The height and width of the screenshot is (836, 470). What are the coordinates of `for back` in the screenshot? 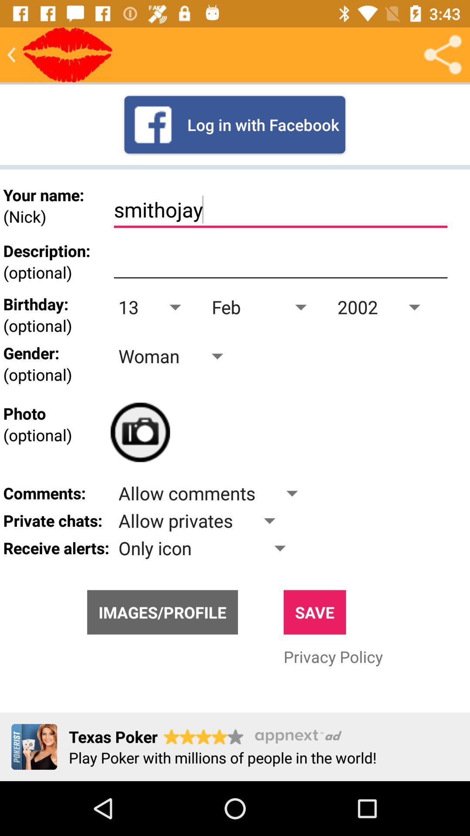 It's located at (11, 54).